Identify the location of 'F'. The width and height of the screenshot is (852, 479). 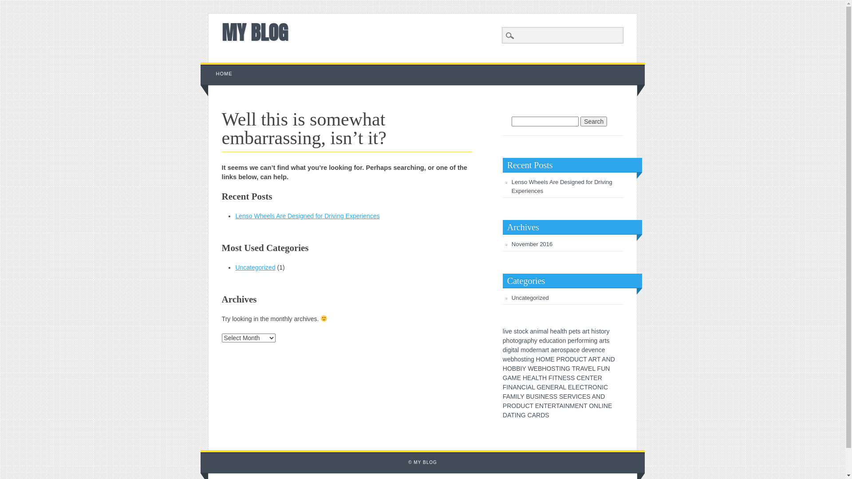
(505, 396).